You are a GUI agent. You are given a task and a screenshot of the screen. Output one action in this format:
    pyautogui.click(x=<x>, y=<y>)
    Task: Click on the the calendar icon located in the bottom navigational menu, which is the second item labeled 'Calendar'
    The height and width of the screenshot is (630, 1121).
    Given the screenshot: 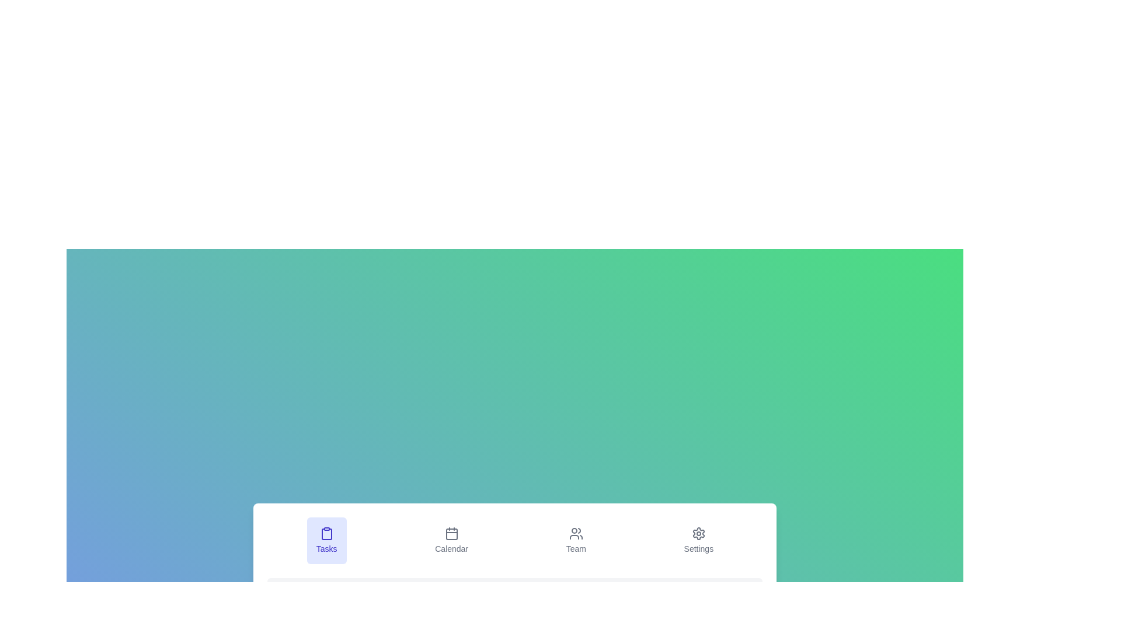 What is the action you would take?
    pyautogui.click(x=451, y=533)
    